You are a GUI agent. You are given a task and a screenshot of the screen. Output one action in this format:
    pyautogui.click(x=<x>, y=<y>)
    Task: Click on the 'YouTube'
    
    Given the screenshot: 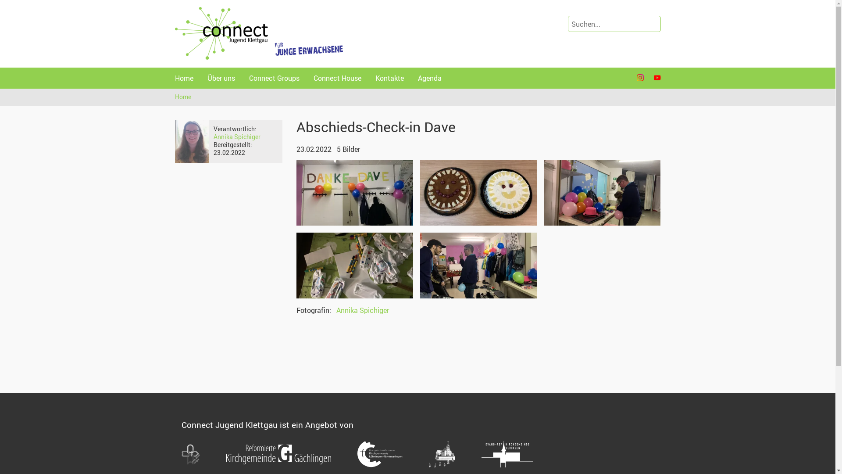 What is the action you would take?
    pyautogui.click(x=656, y=77)
    